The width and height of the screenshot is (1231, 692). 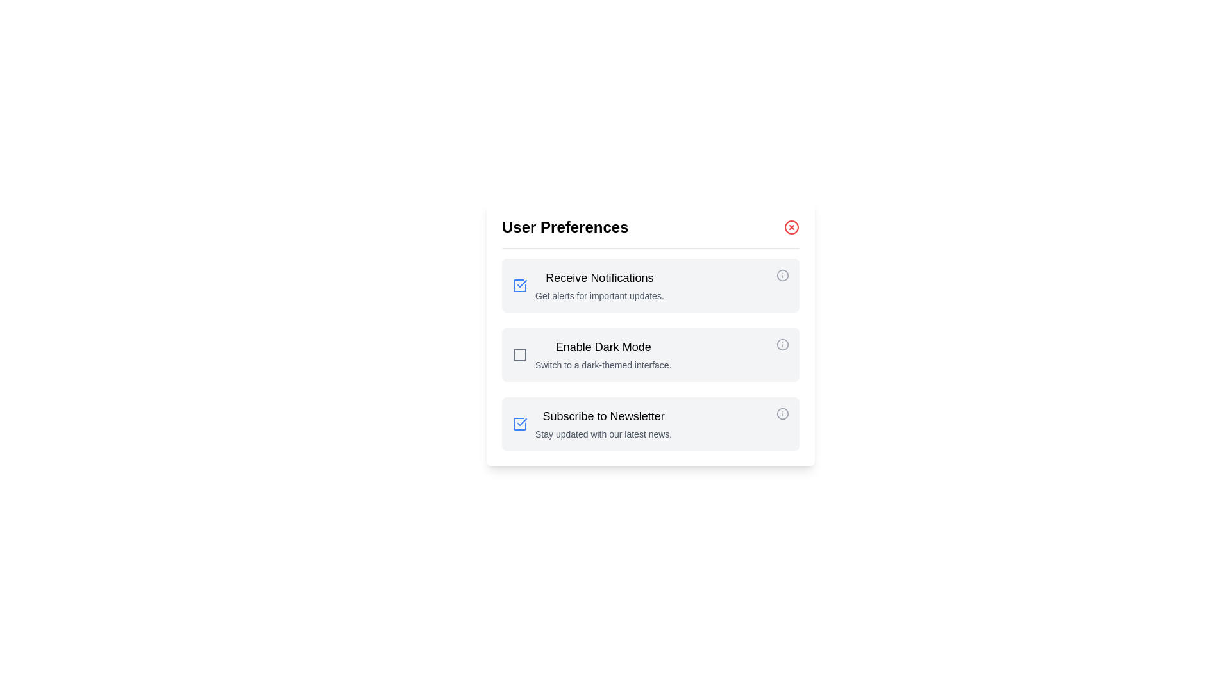 I want to click on the descriptive text block related to the 'Subscribe to Newsletter' feature, which is the third item in a vertical list of user preferences, located below 'Receive Notifications' and 'Enable Dark Mode', so click(x=603, y=424).